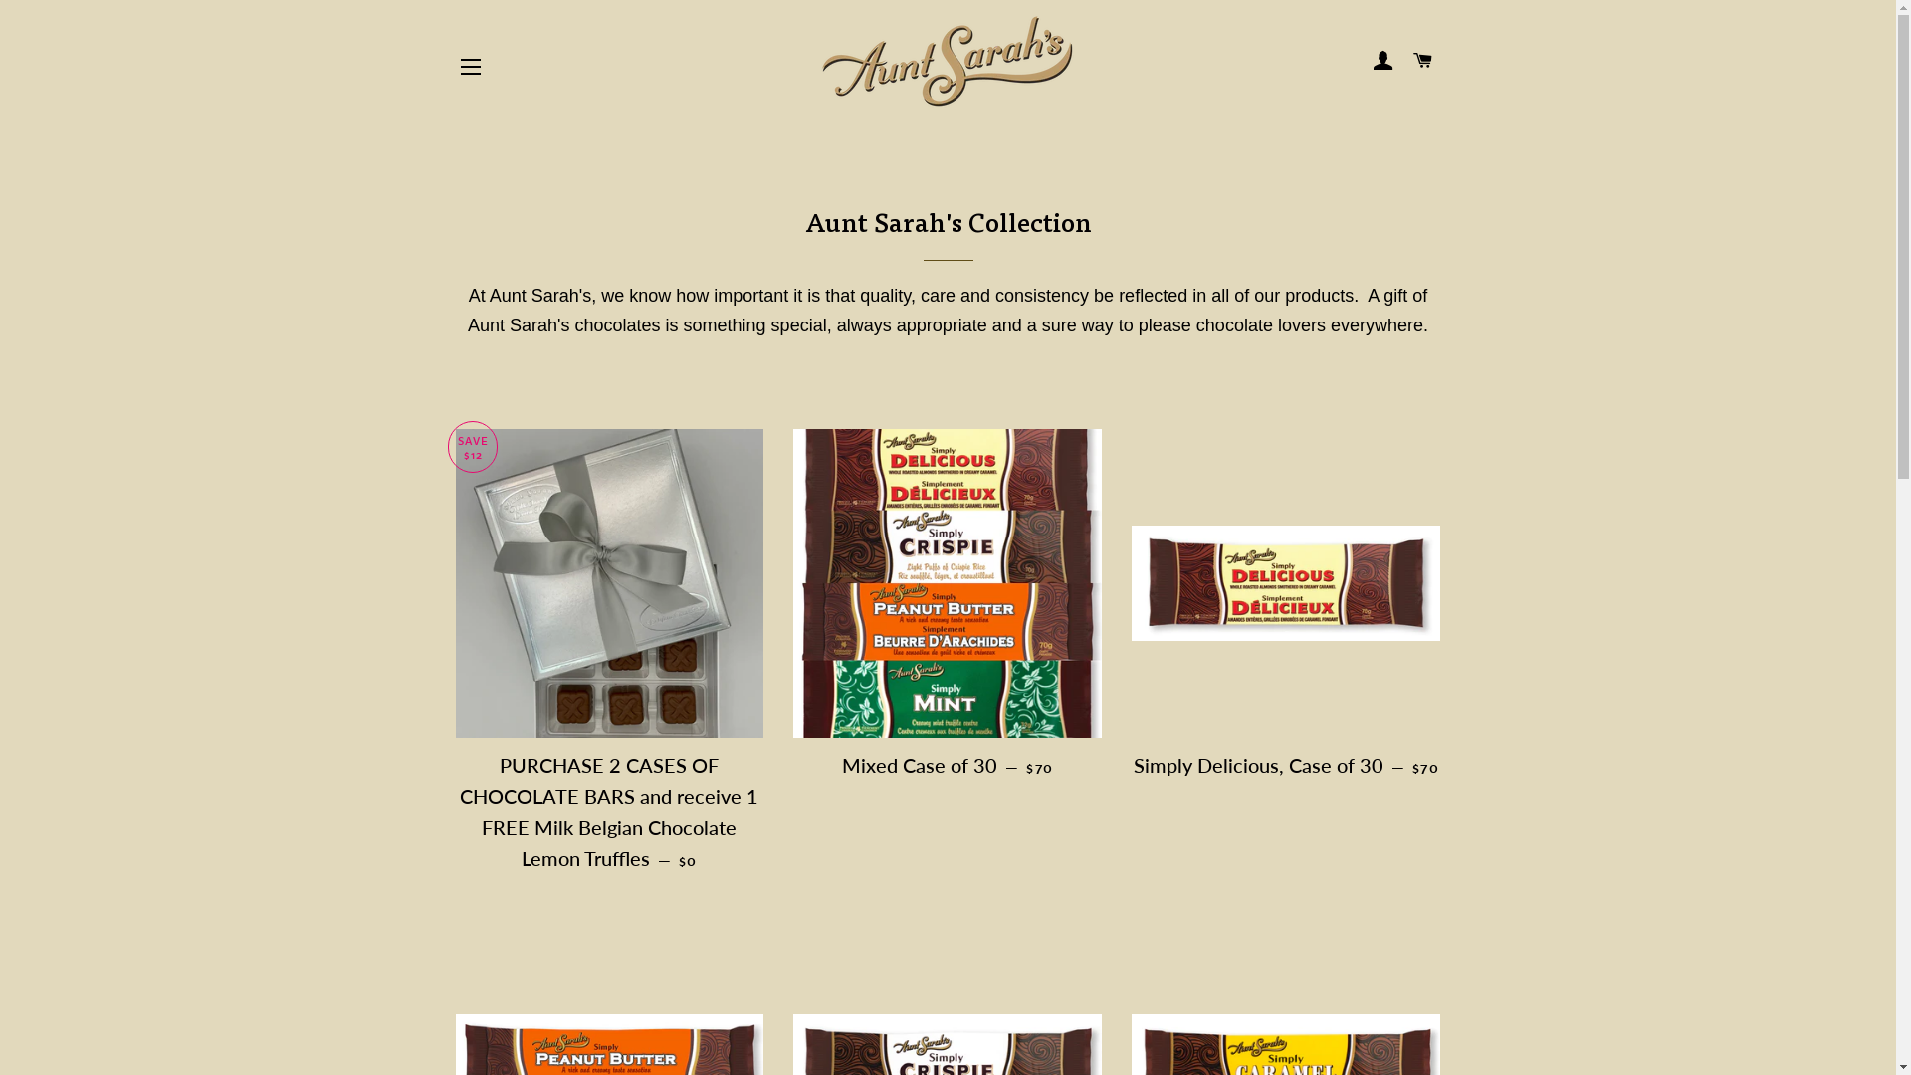  What do you see at coordinates (1382, 60) in the screenshot?
I see `'LOG IN'` at bounding box center [1382, 60].